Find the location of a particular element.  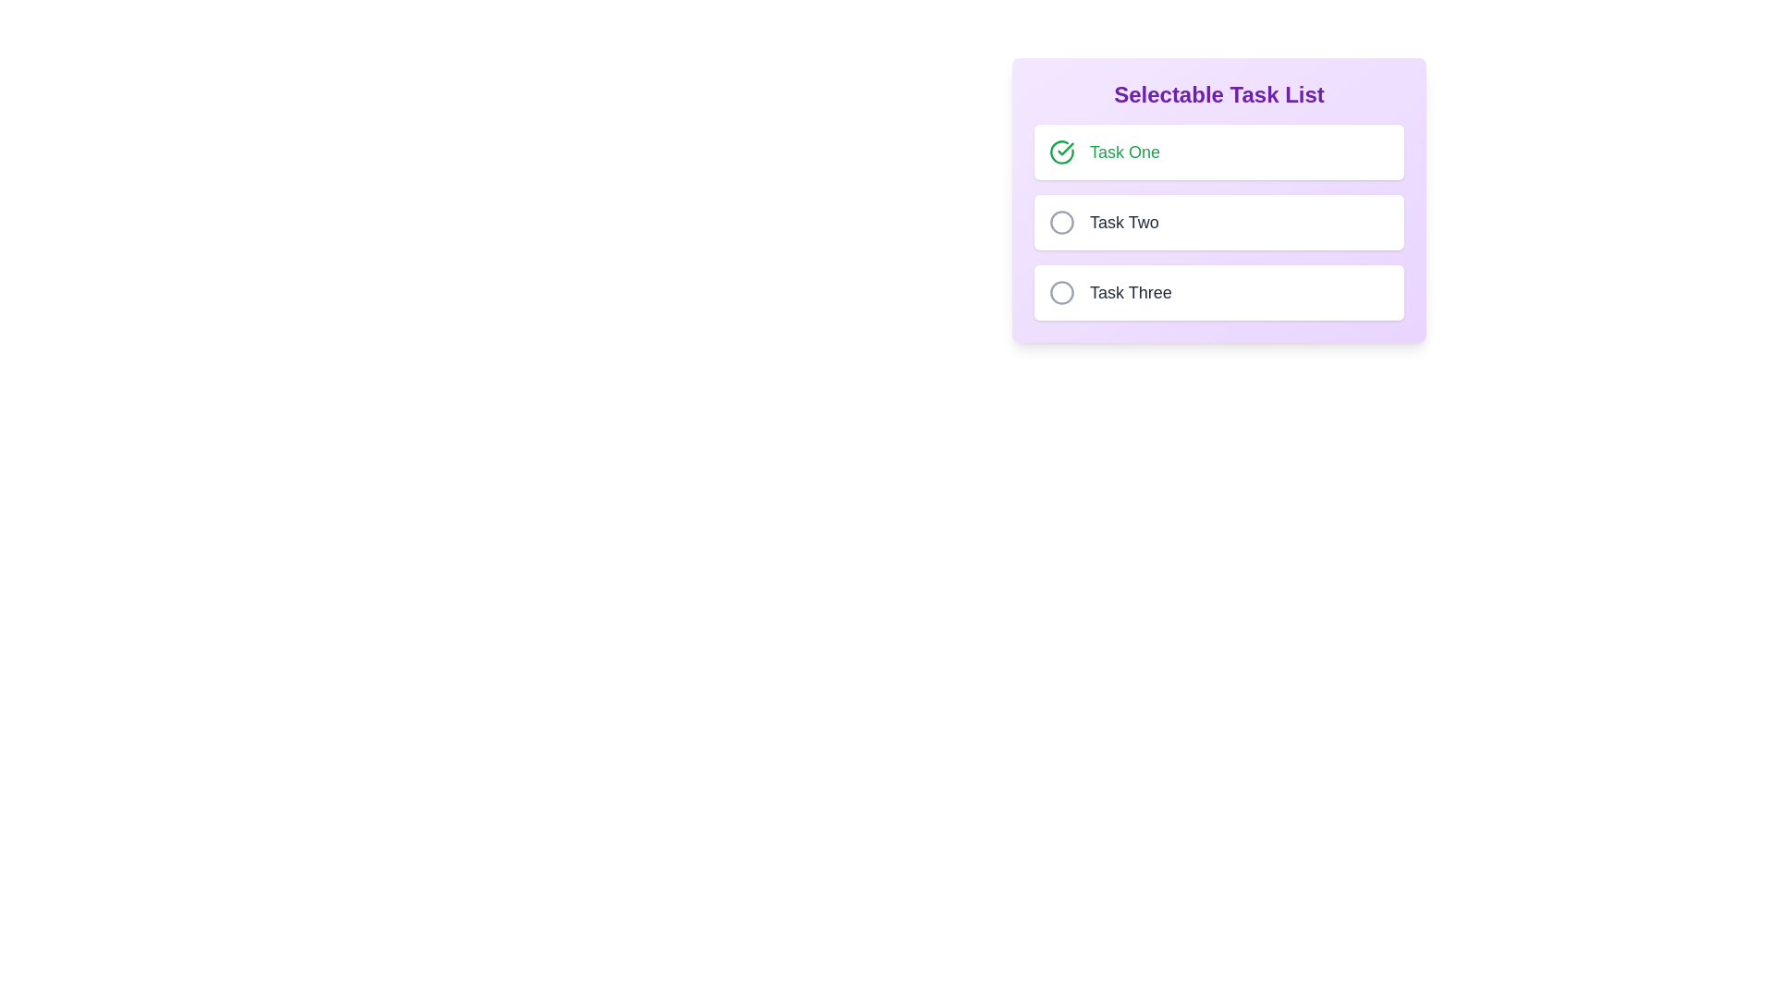

the text label for the third task option in the task list to associate it with the selectable option is located at coordinates (1109, 291).